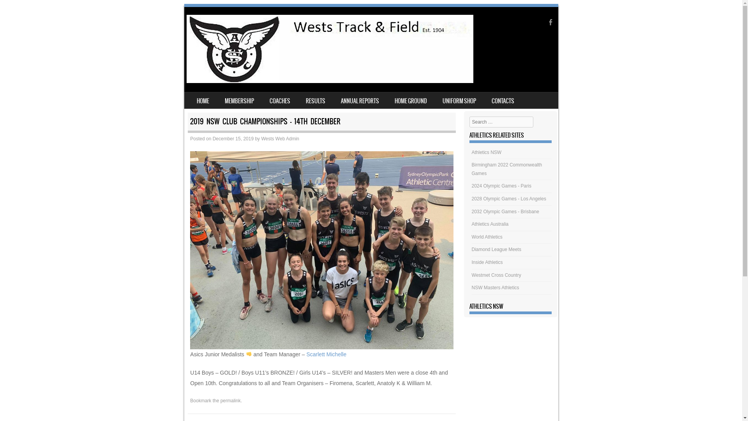  Describe the element at coordinates (280, 138) in the screenshot. I see `'Wests Web Admin'` at that location.